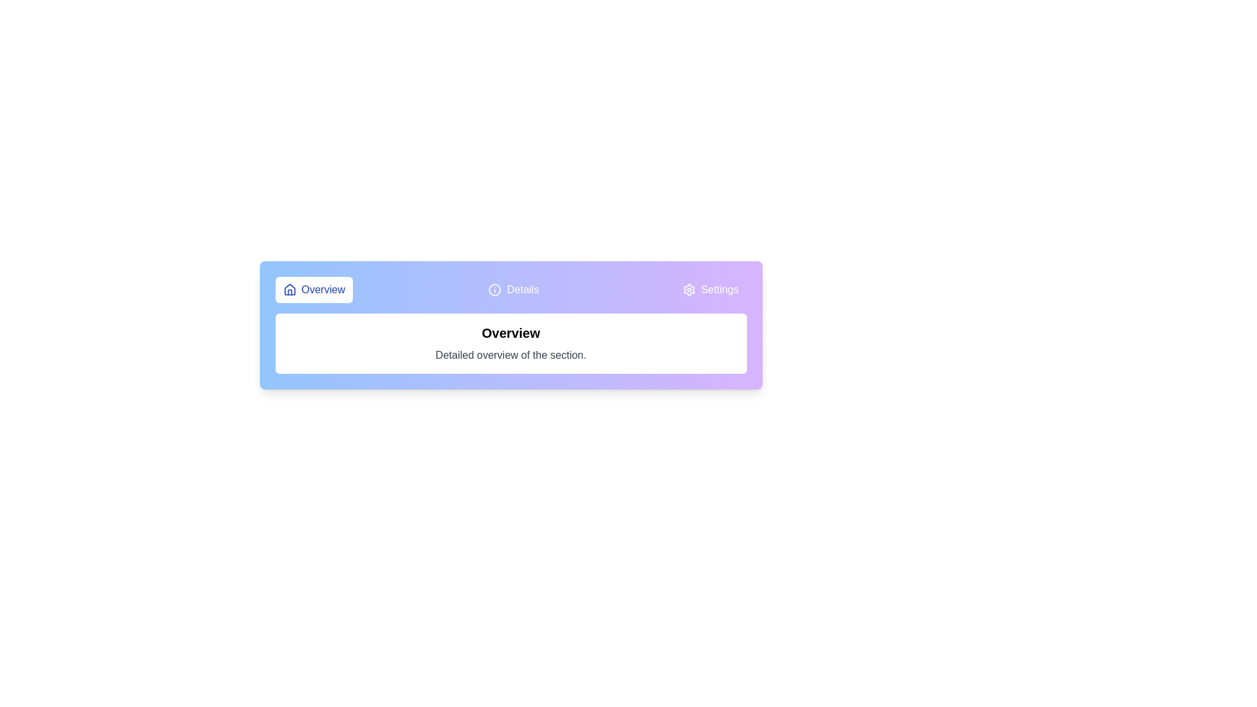  I want to click on the Informational card with a gradient background transitioning from blue to purple, which contains sections labeled 'Overview', 'Details', and 'Settings', and displays the title 'Overview' in bold, so click(510, 325).